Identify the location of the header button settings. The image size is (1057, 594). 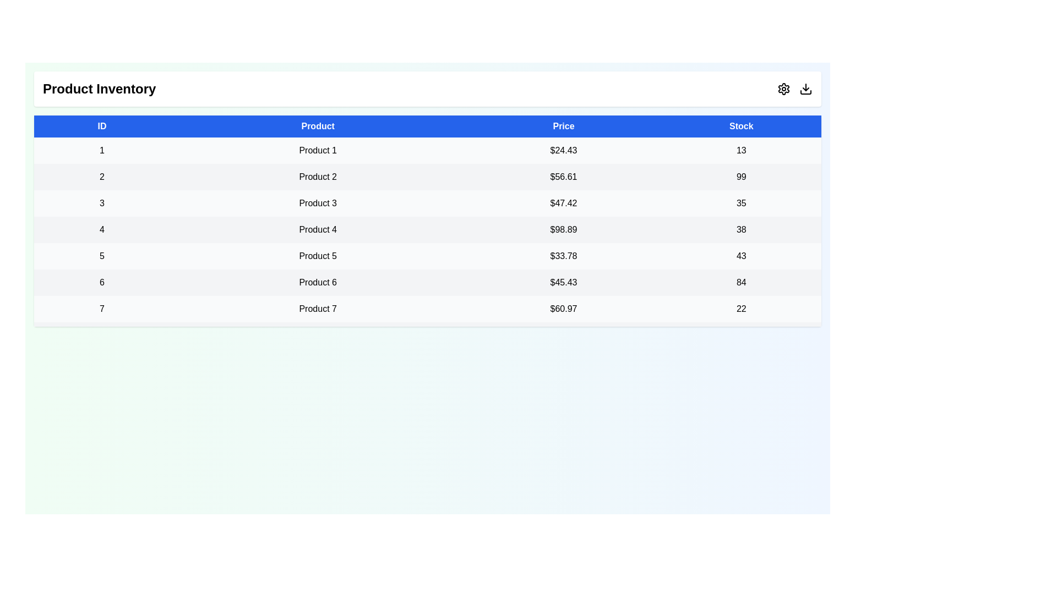
(783, 89).